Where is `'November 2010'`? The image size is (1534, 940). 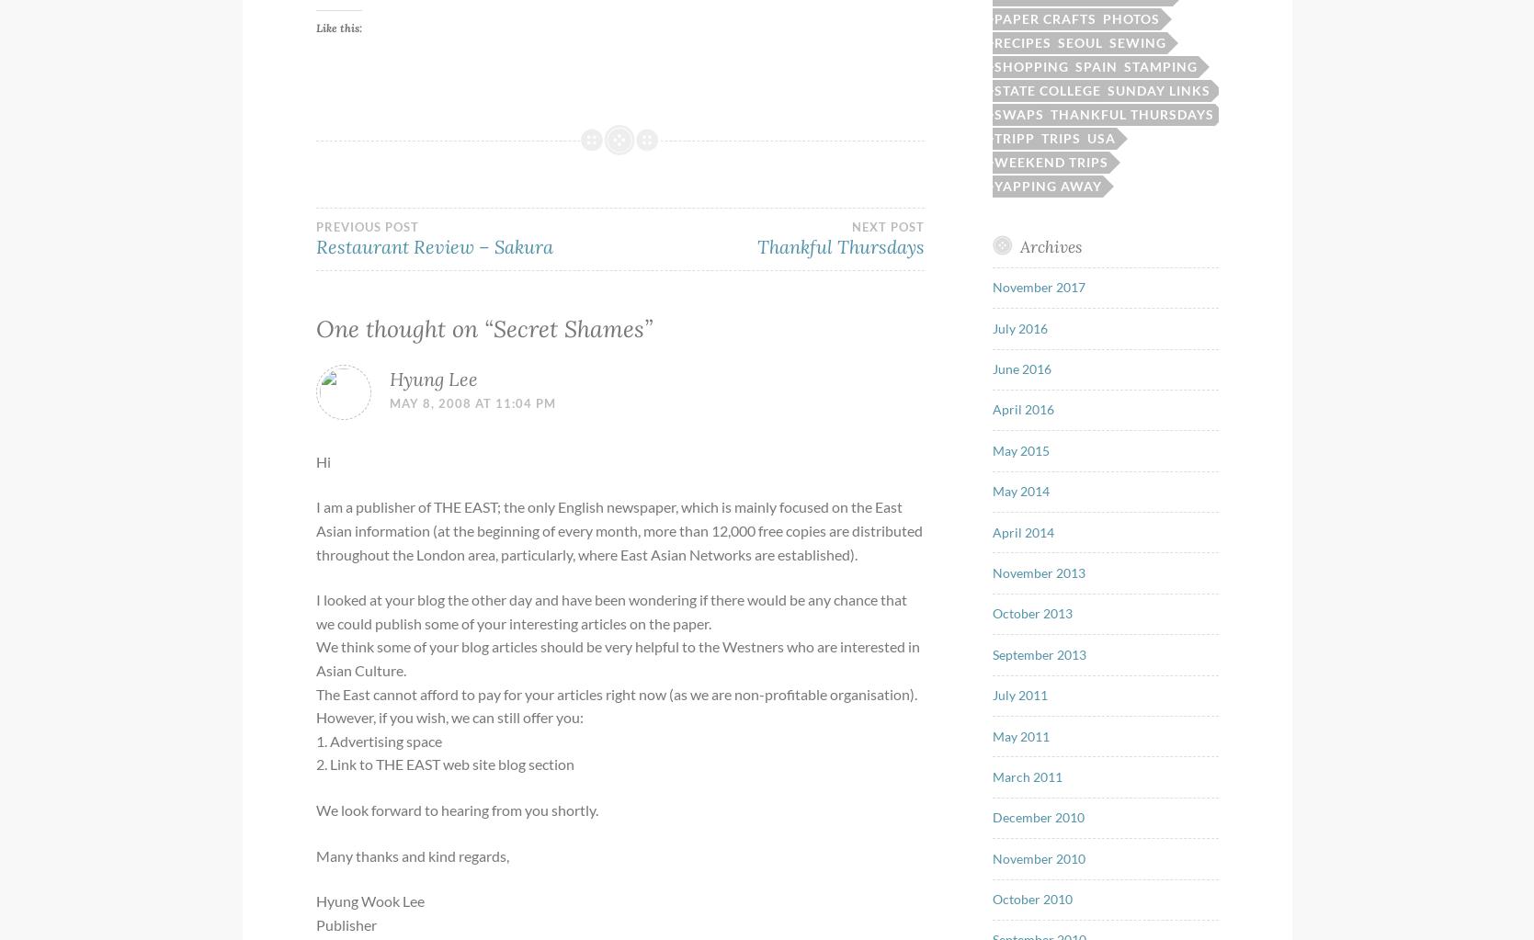
'November 2010' is located at coordinates (1039, 856).